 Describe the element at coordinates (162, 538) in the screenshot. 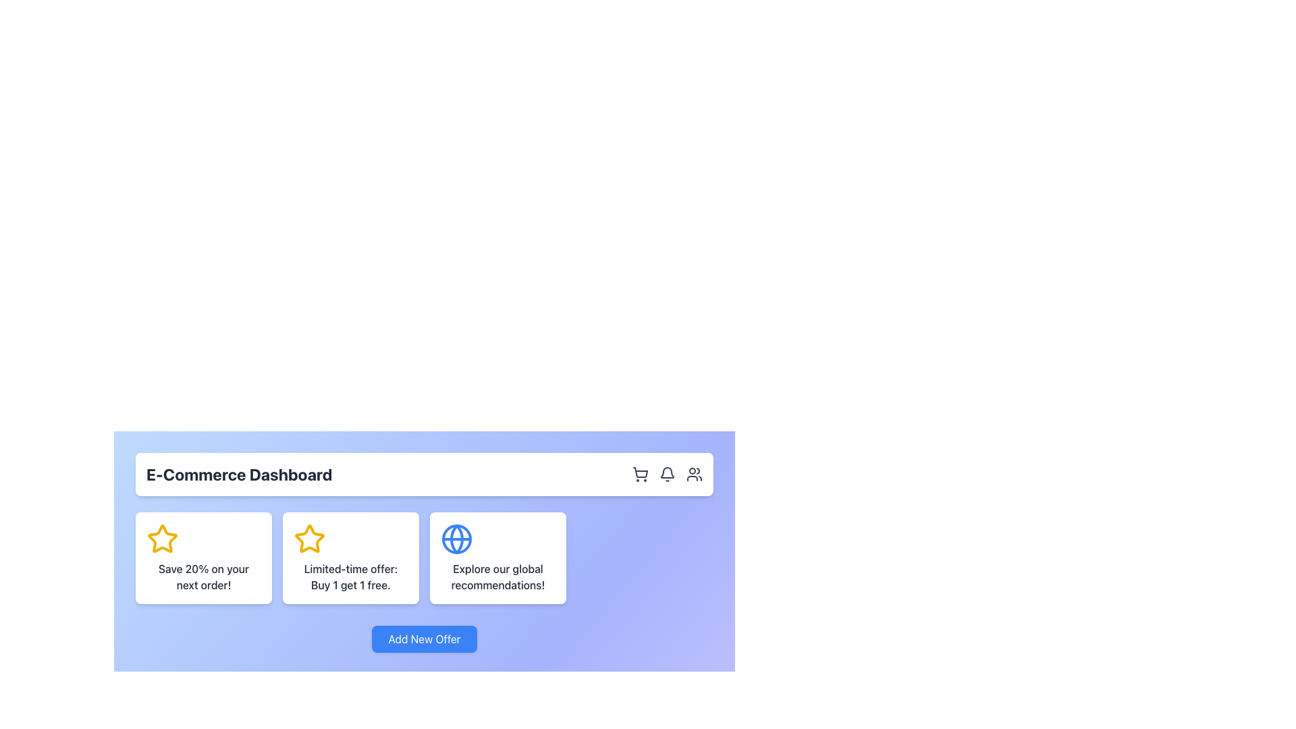

I see `the decorative icon located below the 'Save 20% on your next order!' text and to the left of the star icon associated with 'Limited-time offer: Buy 1 get 1 free.'` at that location.